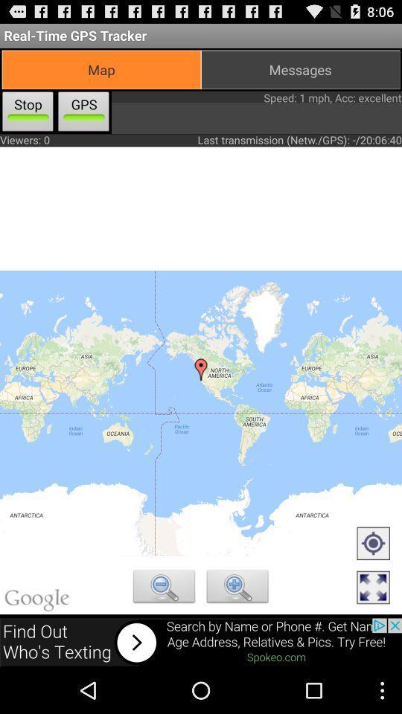  What do you see at coordinates (372, 544) in the screenshot?
I see `go` at bounding box center [372, 544].